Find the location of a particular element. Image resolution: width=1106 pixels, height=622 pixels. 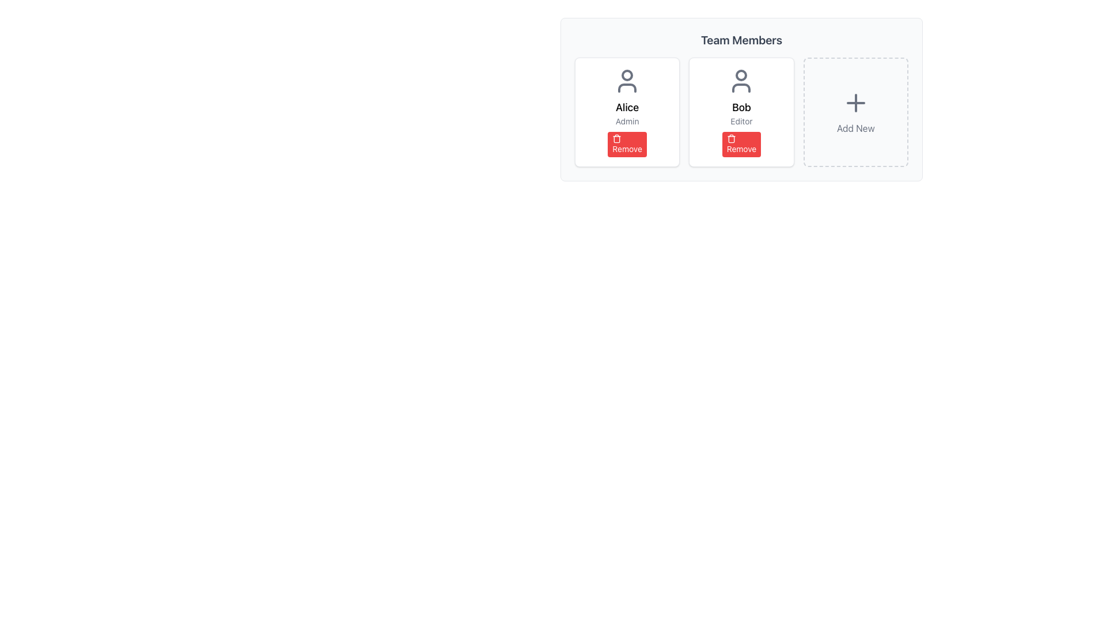

details of the team member card for 'Bob', which includes the user's icon, name, and role, located in the 'Team Members' section is located at coordinates (741, 99).